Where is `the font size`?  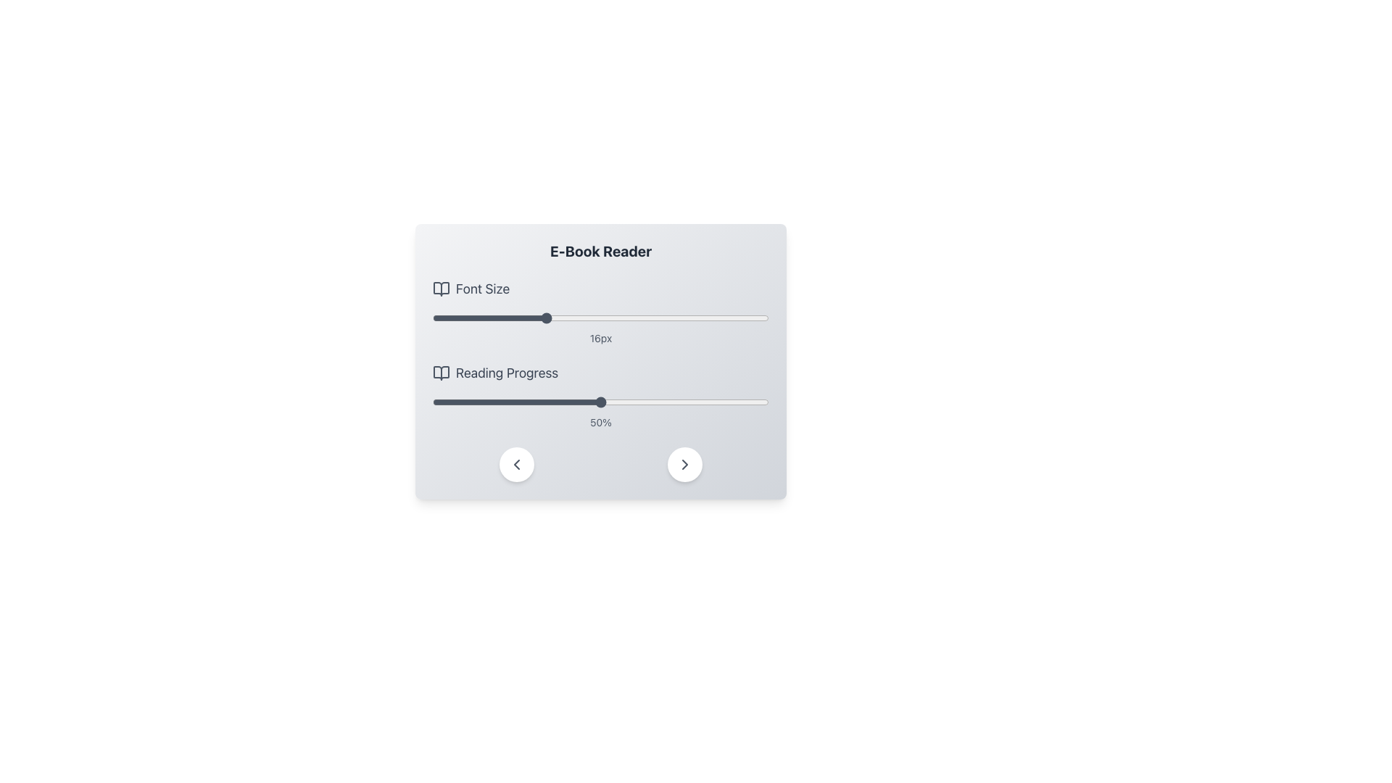
the font size is located at coordinates (460, 318).